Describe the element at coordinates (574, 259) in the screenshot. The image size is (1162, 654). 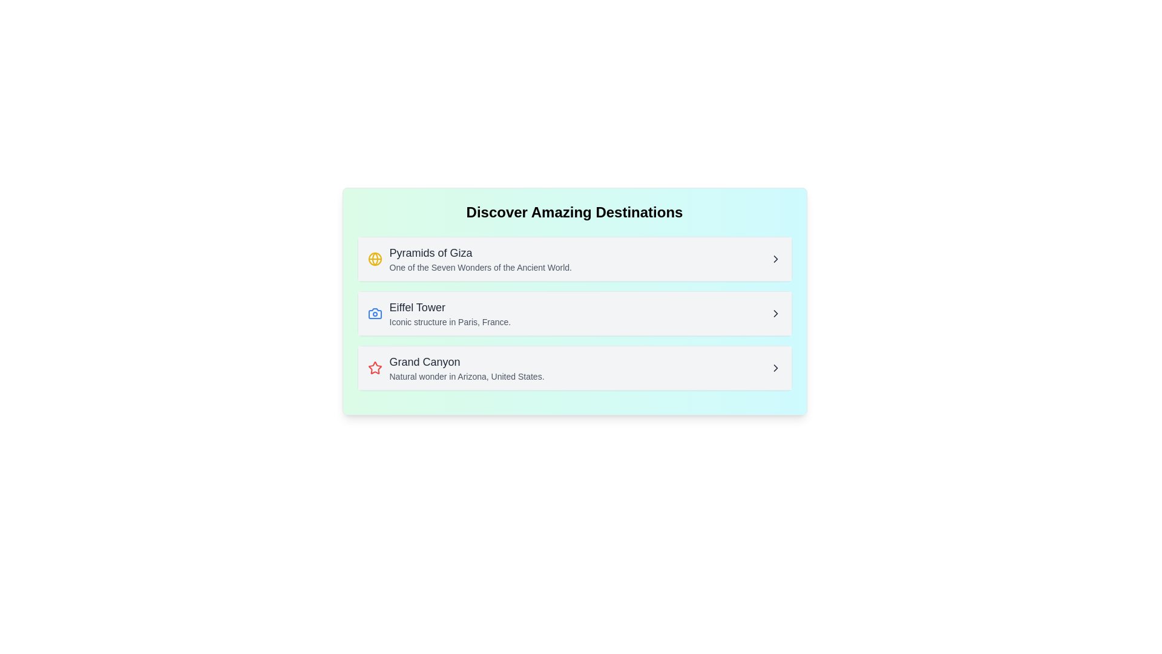
I see `the list item titled 'Pyramids of Giza'` at that location.